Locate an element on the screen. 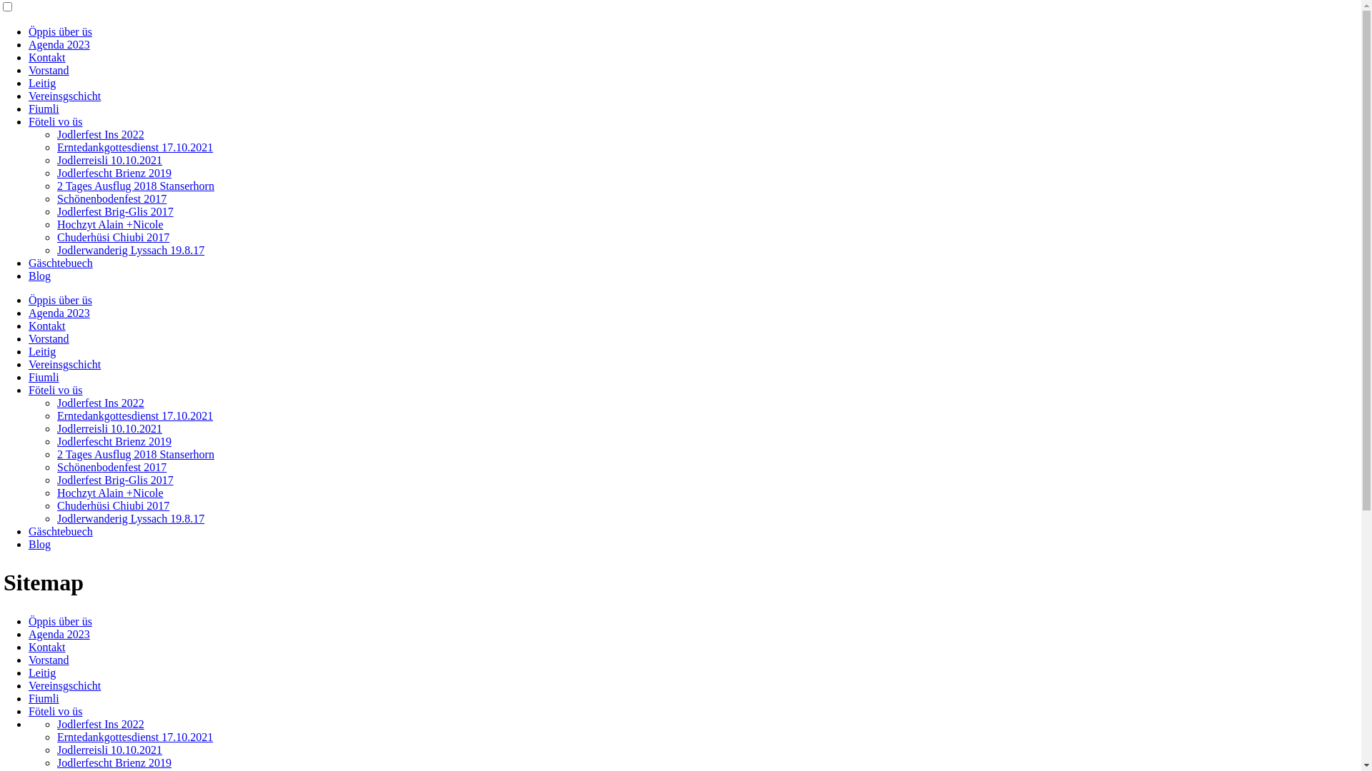 Image resolution: width=1372 pixels, height=771 pixels. 'Jodlerwanderig Lyssach 19.8.17' is located at coordinates (130, 249).